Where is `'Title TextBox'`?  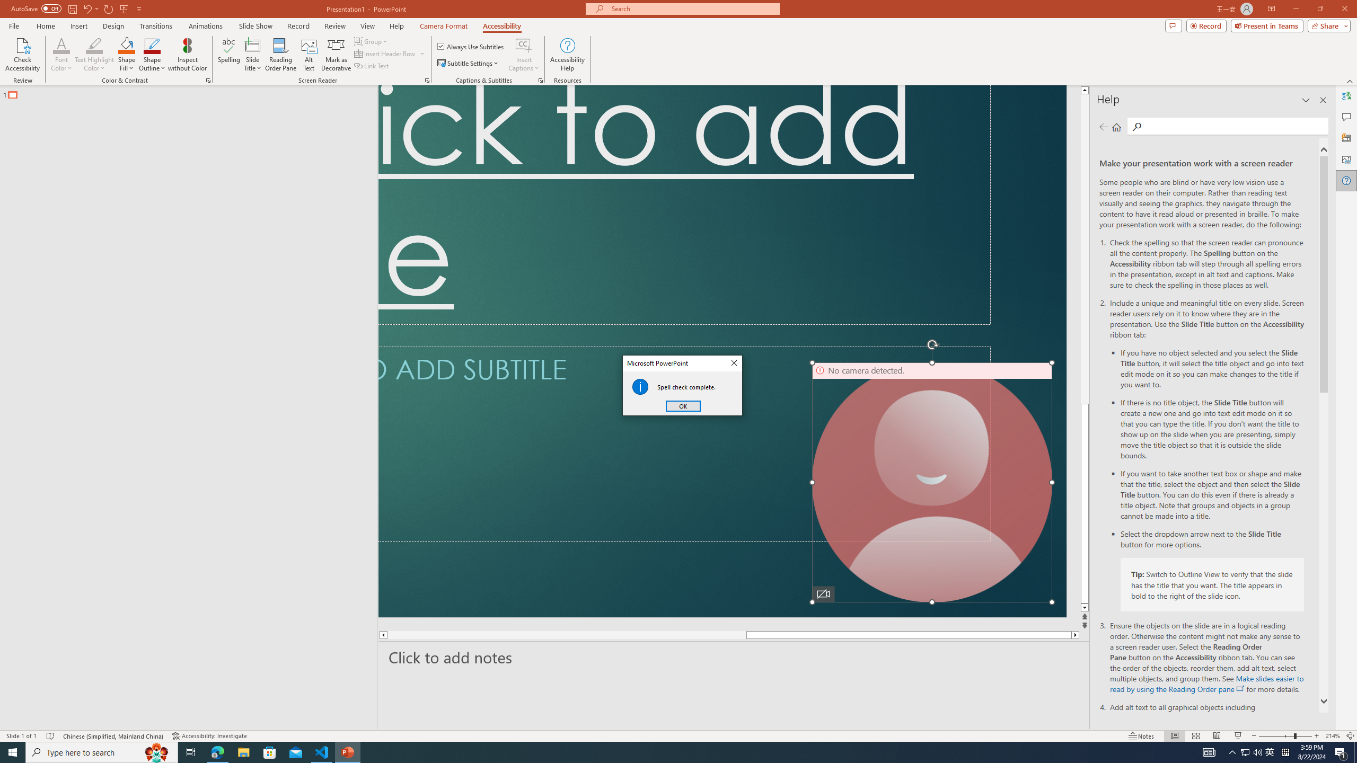
'Title TextBox' is located at coordinates (684, 205).